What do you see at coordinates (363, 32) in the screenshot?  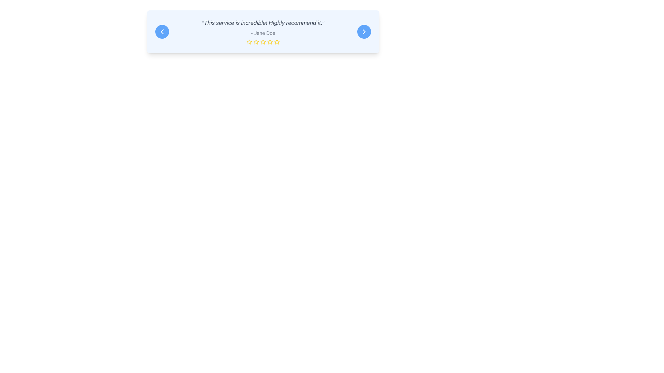 I see `the navigation icon within the blue button on the right side of the review card to activate hover effects` at bounding box center [363, 32].